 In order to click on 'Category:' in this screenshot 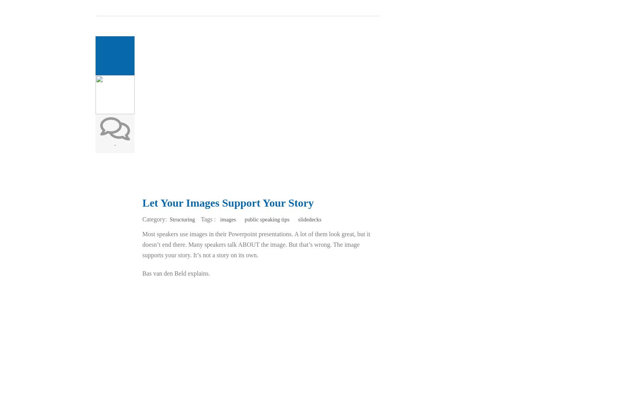, I will do `click(154, 219)`.